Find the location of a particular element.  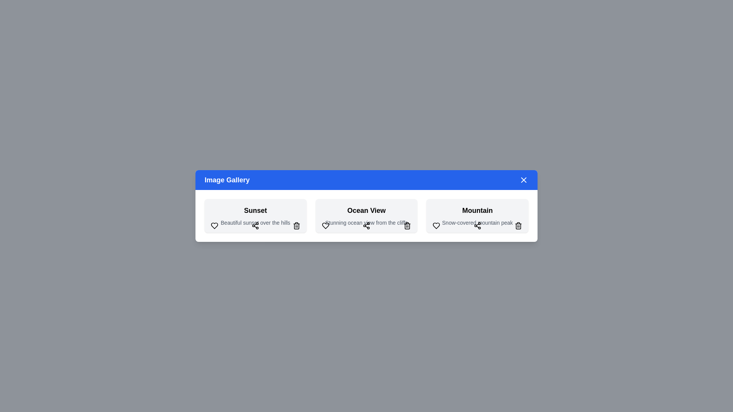

heart button for the image titled 'Ocean View' to like it is located at coordinates (325, 225).